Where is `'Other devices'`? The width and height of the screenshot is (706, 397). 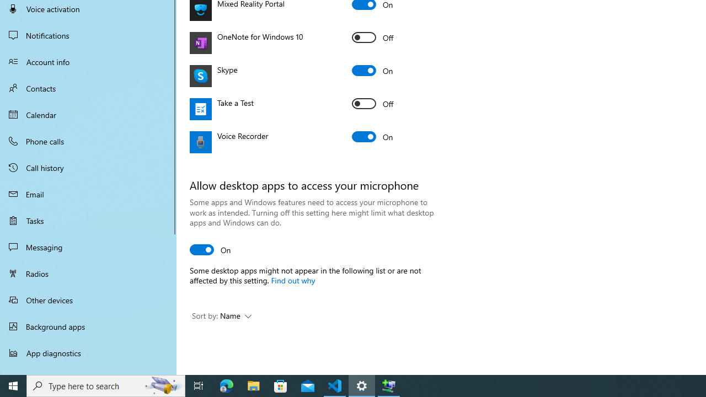
'Other devices' is located at coordinates (88, 299).